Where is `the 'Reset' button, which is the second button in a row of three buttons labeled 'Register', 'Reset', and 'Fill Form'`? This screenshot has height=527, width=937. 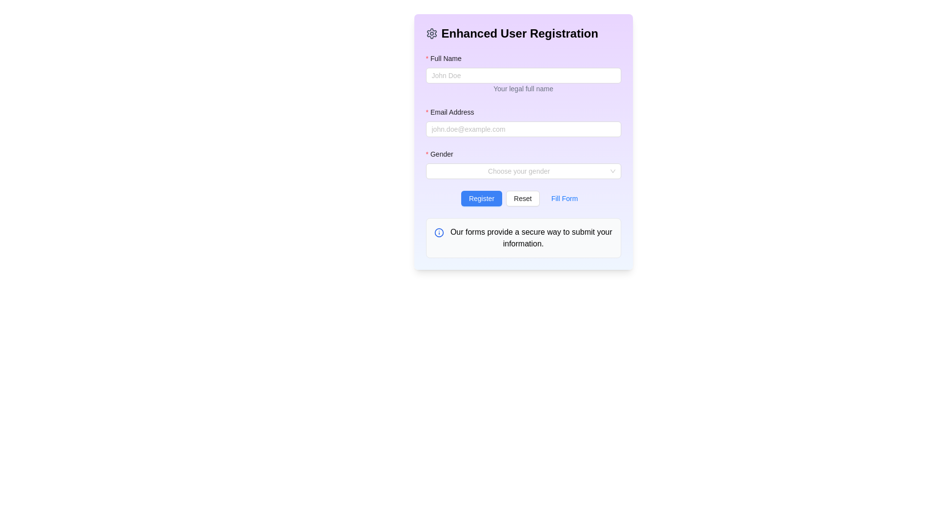
the 'Reset' button, which is the second button in a row of three buttons labeled 'Register', 'Reset', and 'Fill Form' is located at coordinates (523, 198).